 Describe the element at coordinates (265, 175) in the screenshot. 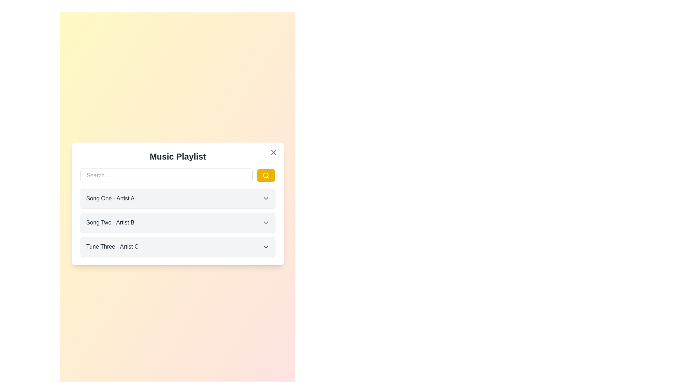

I see `the decorative circle in the center of the magnifying glass icon located in the header of the playlist interface` at that location.